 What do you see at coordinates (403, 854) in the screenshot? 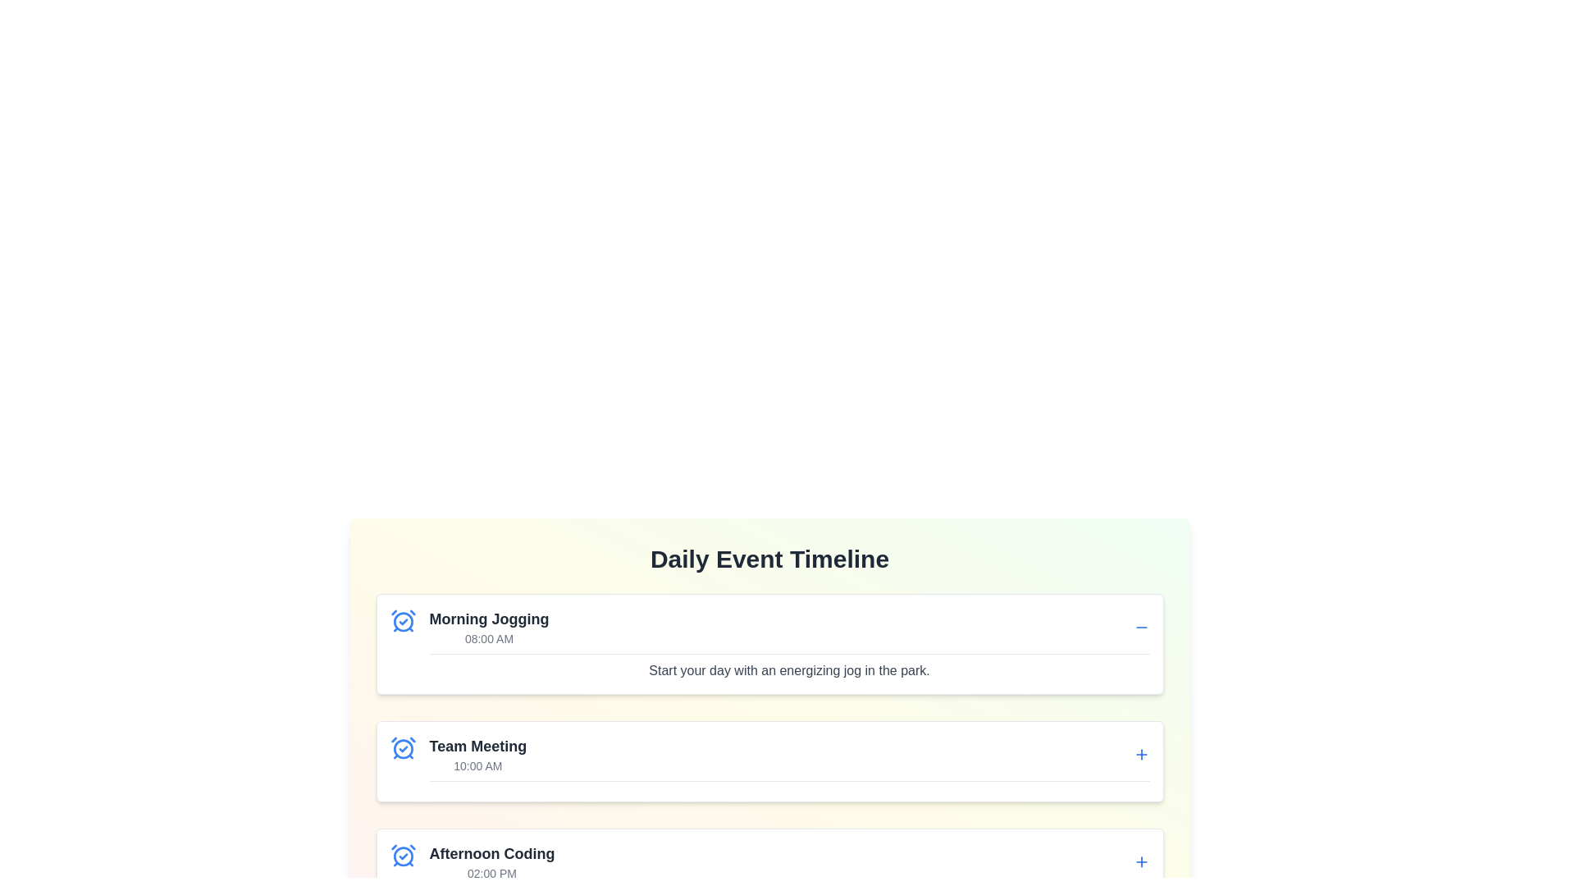
I see `the event type icon indicating a scheduled or completed event for 'Afternoon Coding', located at the top-left corner of the card and is the third icon in the list of events` at bounding box center [403, 854].